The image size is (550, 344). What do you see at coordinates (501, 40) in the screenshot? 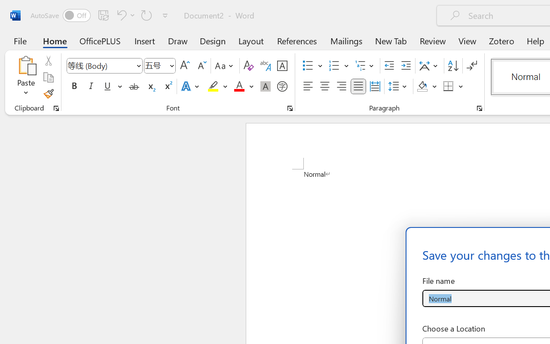
I see `'Zotero'` at bounding box center [501, 40].